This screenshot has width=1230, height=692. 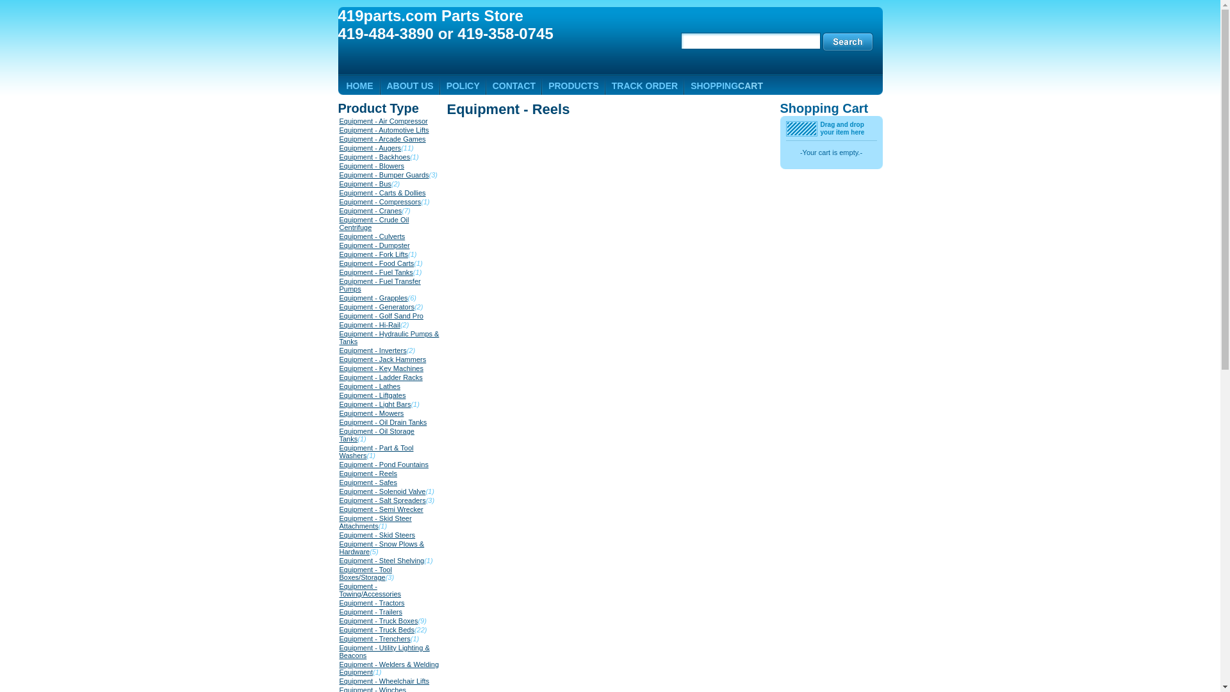 I want to click on 'Equipment - Trenchers', so click(x=374, y=638).